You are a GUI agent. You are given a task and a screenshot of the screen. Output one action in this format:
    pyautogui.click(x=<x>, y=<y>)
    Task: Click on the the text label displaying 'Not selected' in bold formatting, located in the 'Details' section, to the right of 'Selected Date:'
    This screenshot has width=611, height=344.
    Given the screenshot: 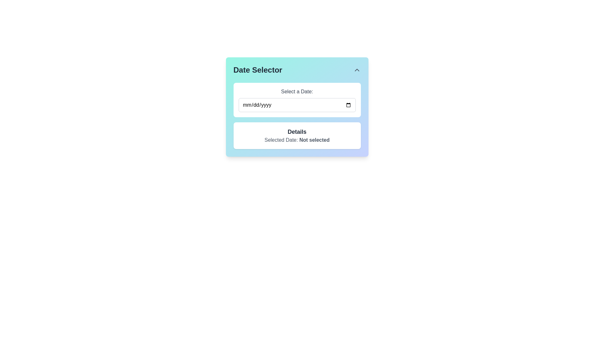 What is the action you would take?
    pyautogui.click(x=314, y=140)
    